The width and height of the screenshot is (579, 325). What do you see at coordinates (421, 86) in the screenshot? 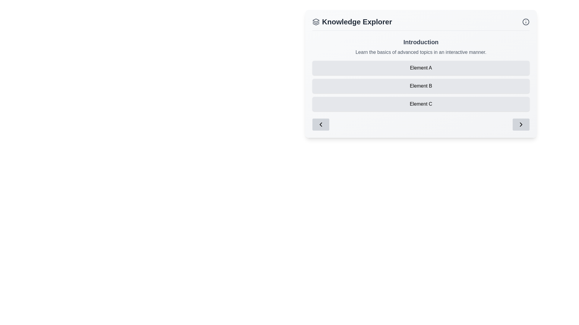
I see `the button labeled 'Element B', which is a horizontal rectangular box with rounded corners and a light gray background, located in the center of the panel between 'Element A' and 'Element C'` at bounding box center [421, 86].